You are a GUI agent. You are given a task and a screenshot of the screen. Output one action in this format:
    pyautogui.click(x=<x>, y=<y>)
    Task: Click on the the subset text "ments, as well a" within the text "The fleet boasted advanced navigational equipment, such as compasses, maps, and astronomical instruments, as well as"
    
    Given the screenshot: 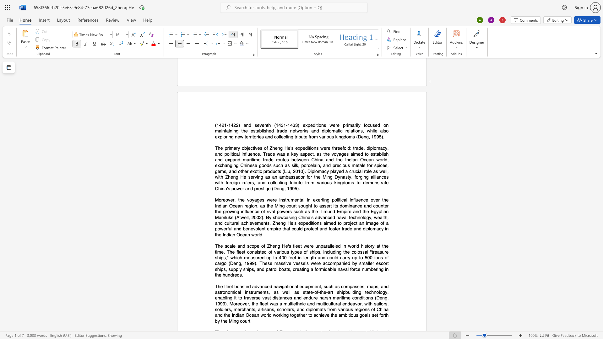 What is the action you would take?
    pyautogui.click(x=256, y=292)
    